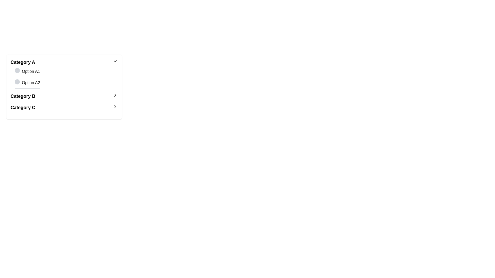  What do you see at coordinates (115, 95) in the screenshot?
I see `the chevron icon located to the right of 'Category B'` at bounding box center [115, 95].